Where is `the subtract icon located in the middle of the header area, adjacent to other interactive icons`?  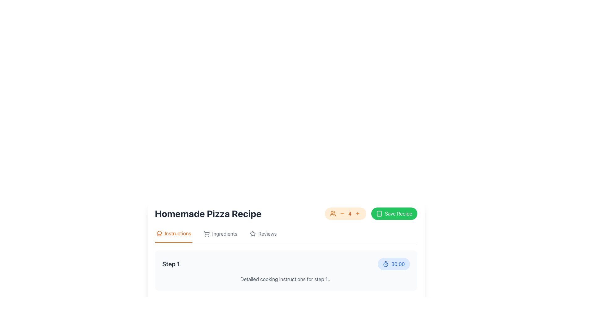 the subtract icon located in the middle of the header area, adjacent to other interactive icons is located at coordinates (342, 213).